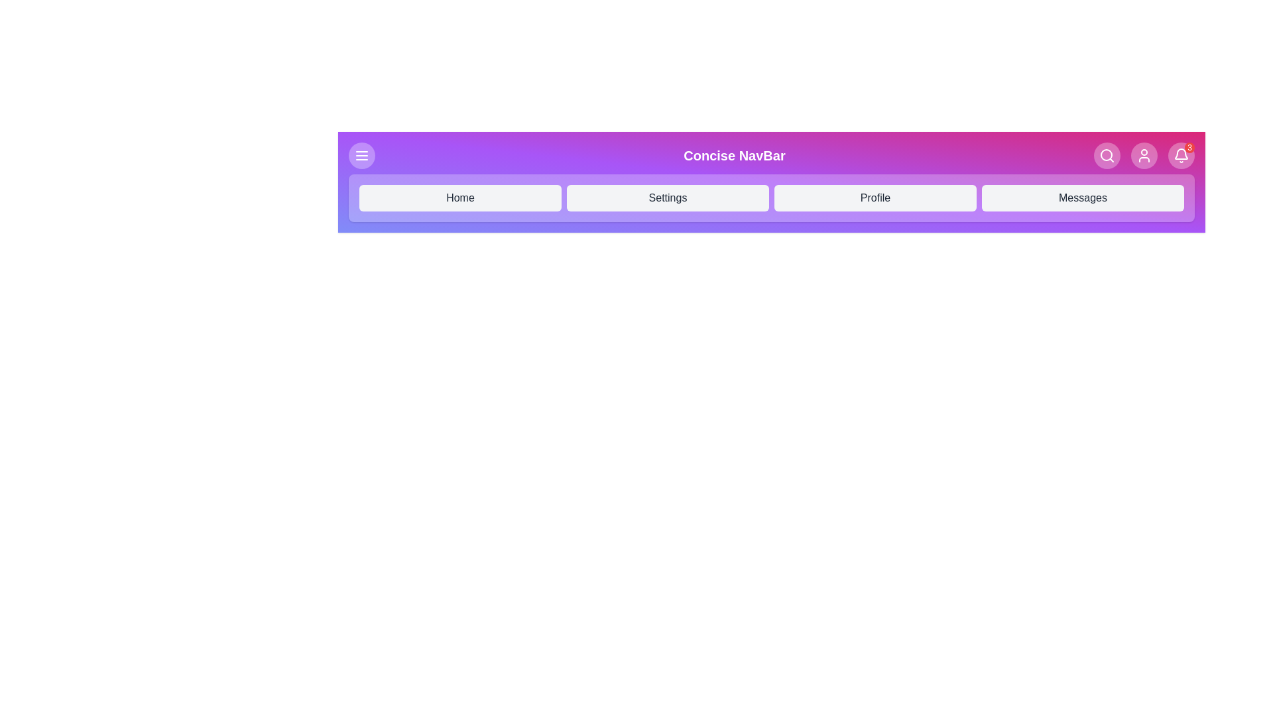 The image size is (1273, 716). What do you see at coordinates (1107, 155) in the screenshot?
I see `the search button to initiate the search functionality` at bounding box center [1107, 155].